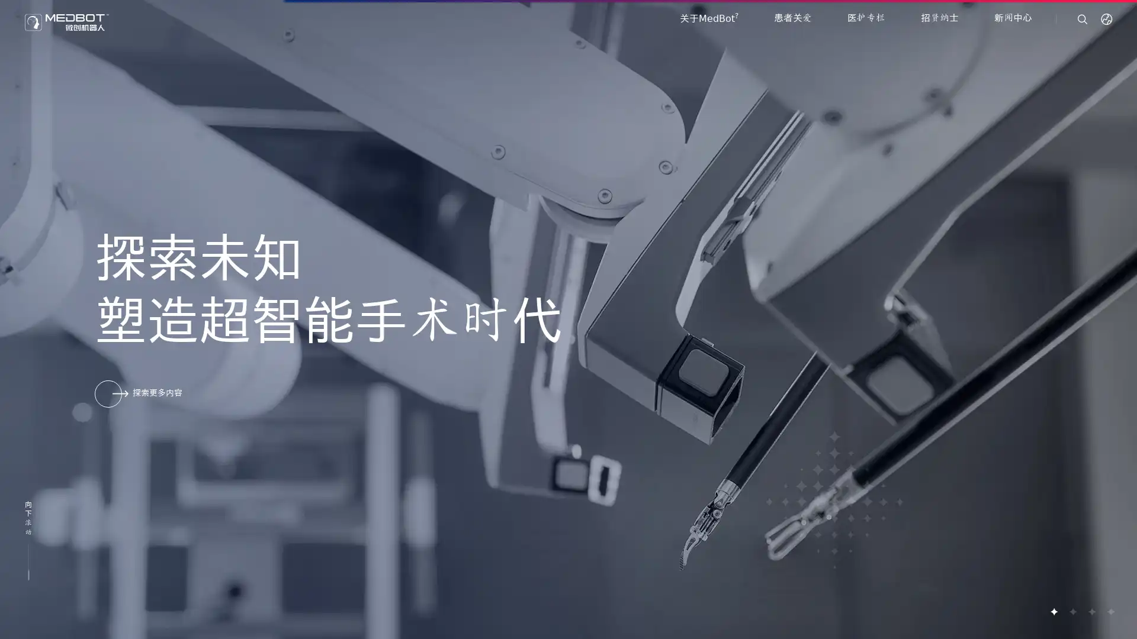 This screenshot has height=639, width=1137. I want to click on Go to slide 4, so click(1110, 611).